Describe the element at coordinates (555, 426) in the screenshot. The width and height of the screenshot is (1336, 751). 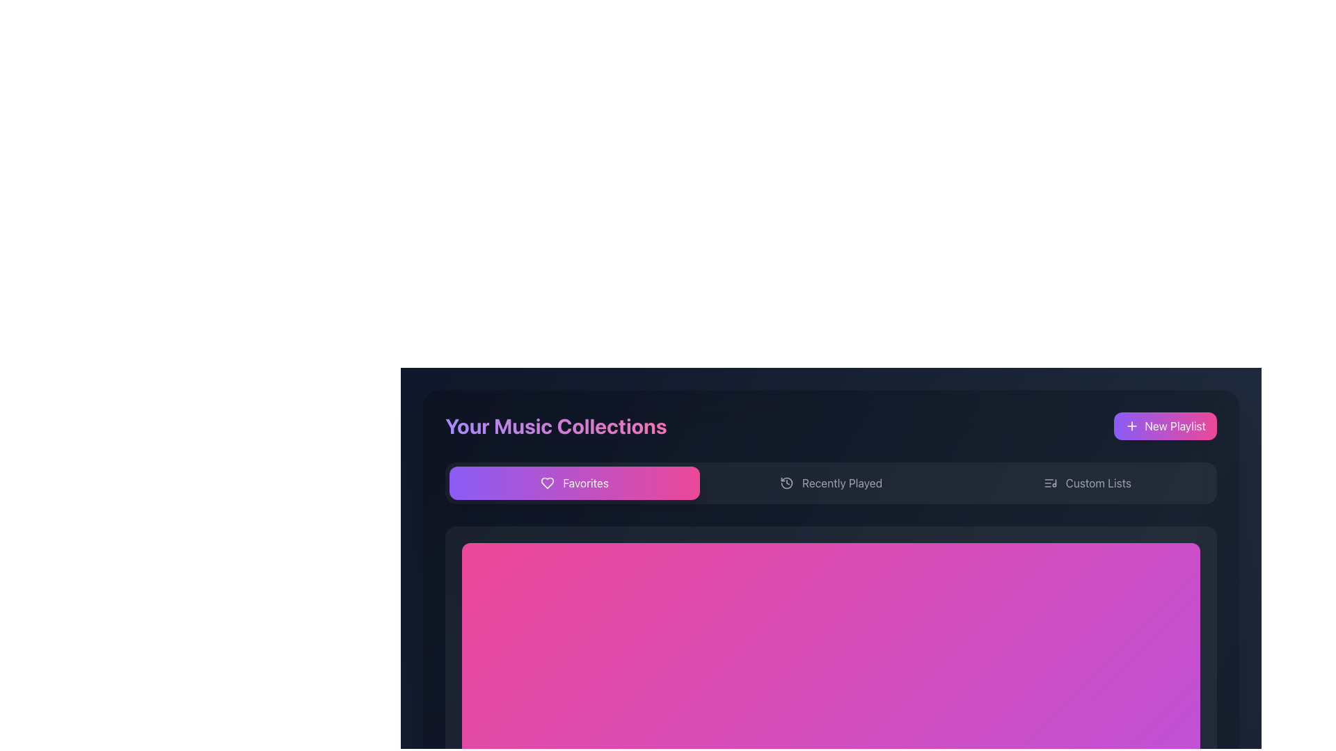
I see `the text-based heading that reads 'Your Music Collections', which is a bold, large-sized text with a gradient color scheme located prominently in the upper-left section of the UI` at that location.